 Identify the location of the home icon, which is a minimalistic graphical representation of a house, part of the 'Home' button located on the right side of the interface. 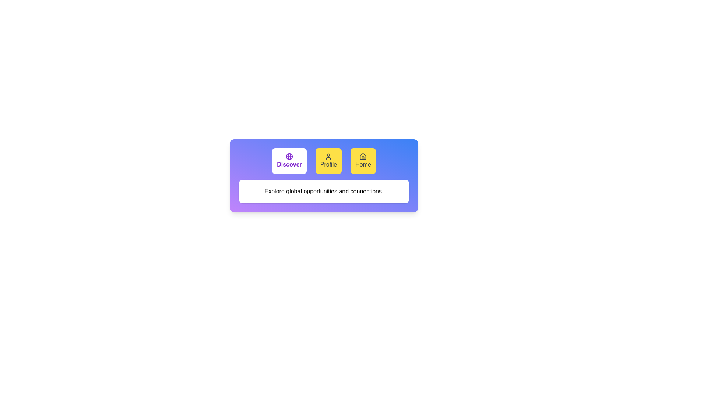
(363, 156).